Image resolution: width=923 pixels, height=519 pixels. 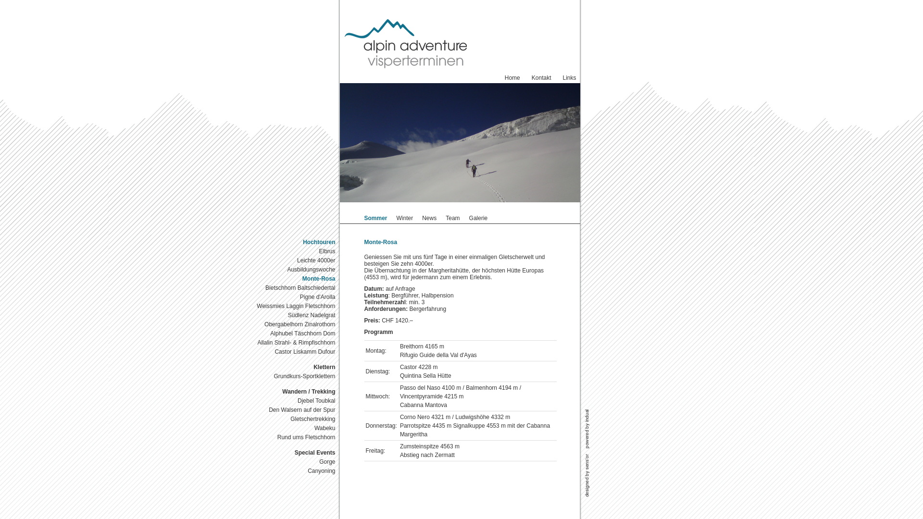 I want to click on 'Monte-Rosa', so click(x=293, y=279).